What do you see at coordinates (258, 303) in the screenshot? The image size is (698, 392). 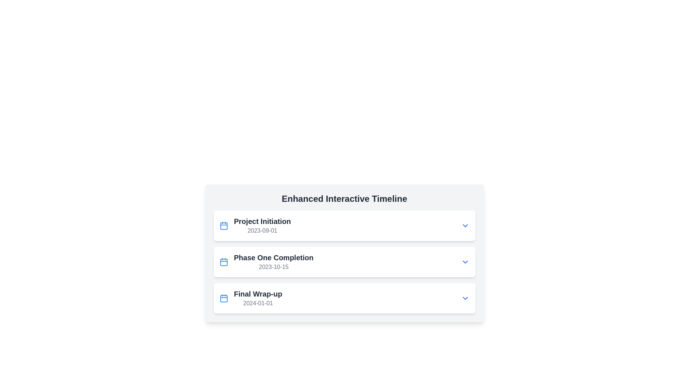 I see `the text label displaying '2024-01-01', which is styled in gray and positioned beneath the header 'Final Wrap-up' in the third timeline section` at bounding box center [258, 303].